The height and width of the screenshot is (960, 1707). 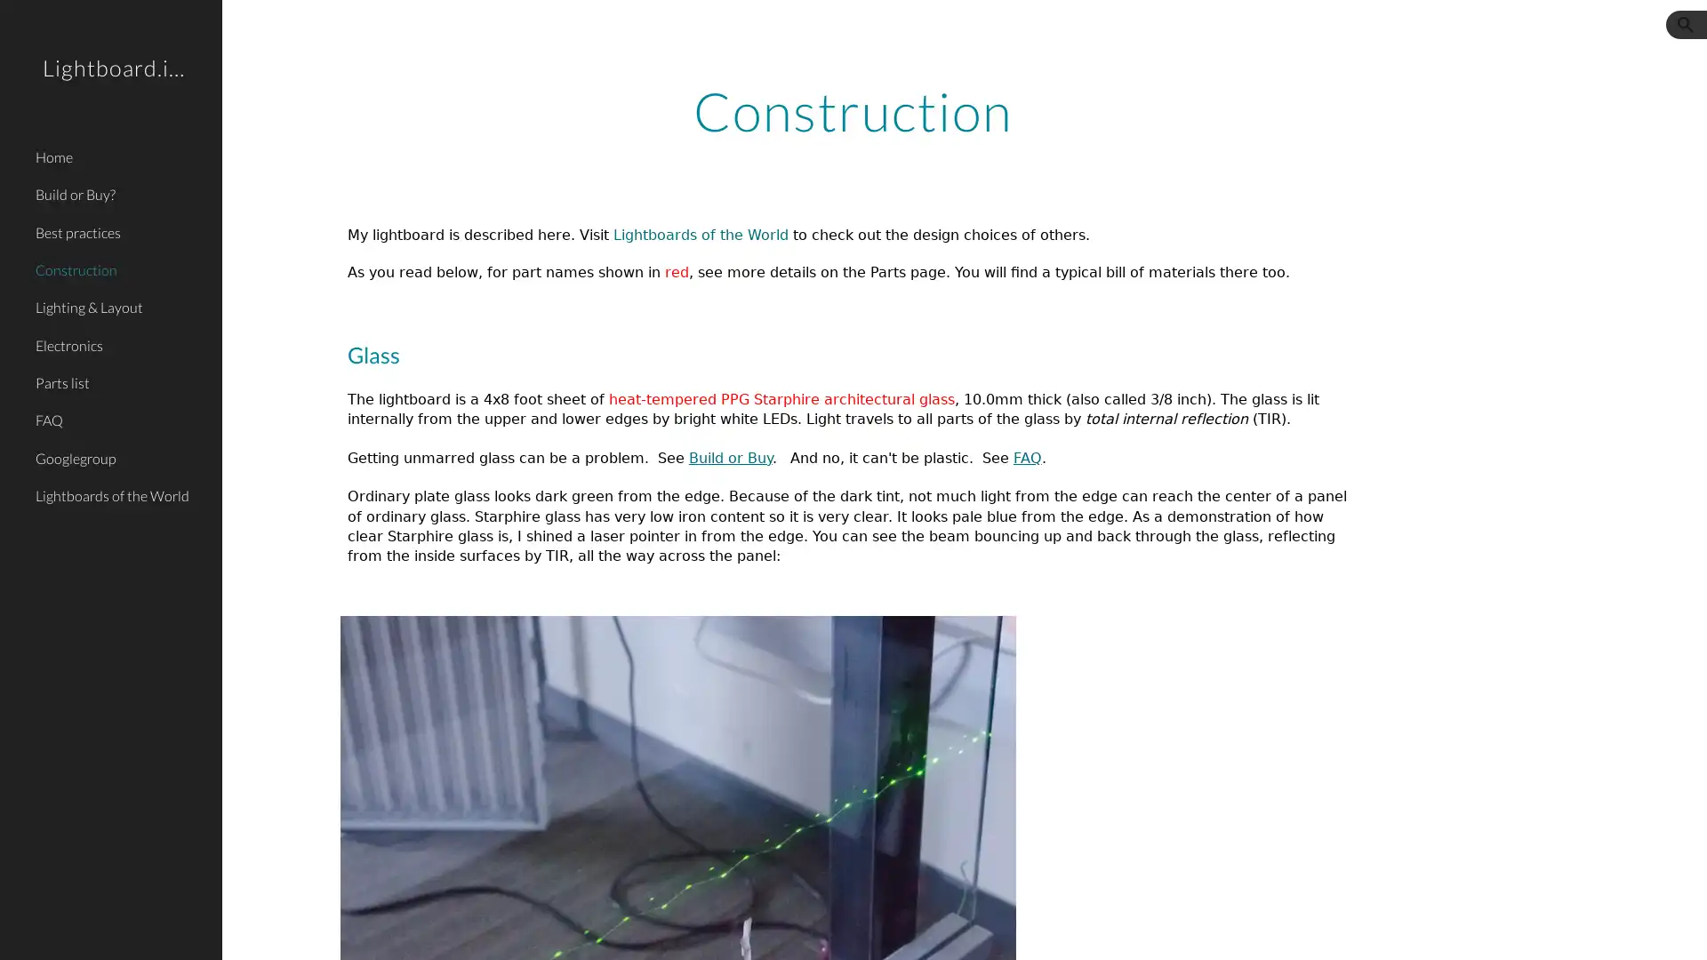 What do you see at coordinates (360, 928) in the screenshot?
I see `Google Sites` at bounding box center [360, 928].